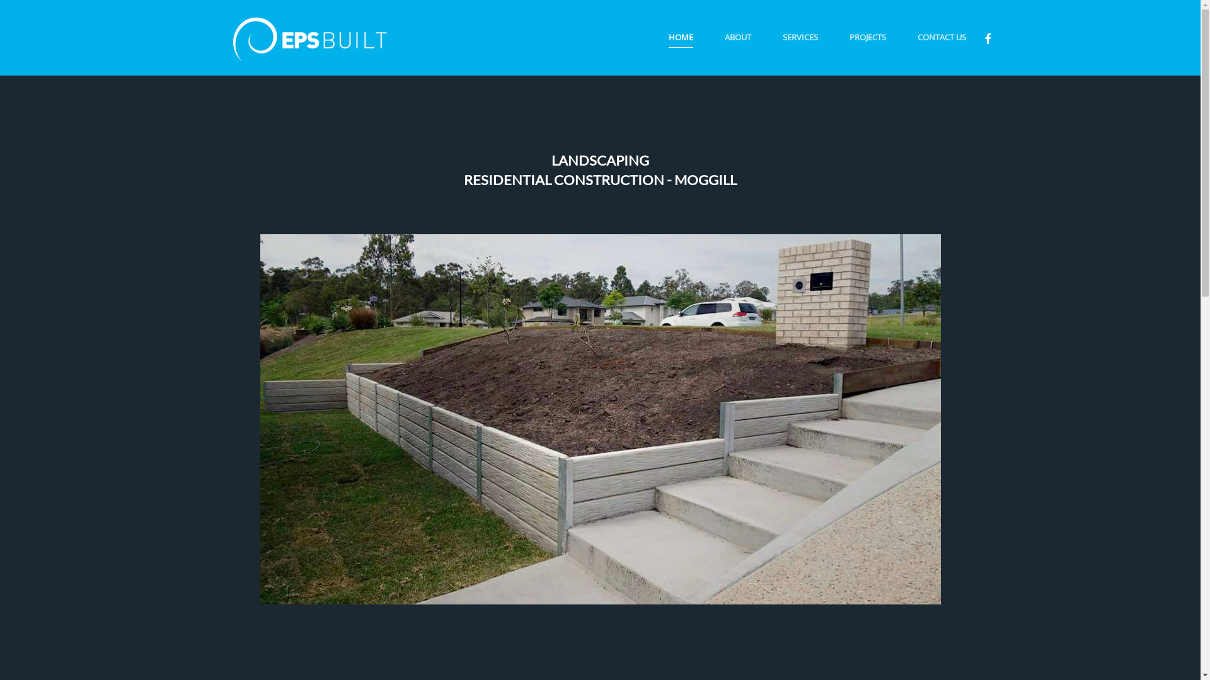  I want to click on 'ABOUT', so click(737, 37).